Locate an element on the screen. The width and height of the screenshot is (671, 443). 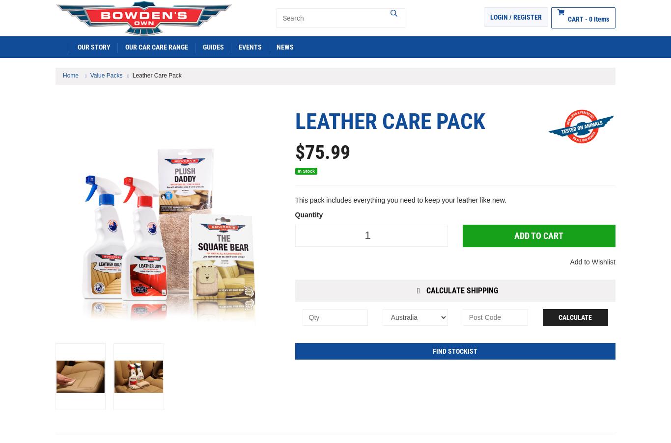
'EVENTS' is located at coordinates (250, 46).